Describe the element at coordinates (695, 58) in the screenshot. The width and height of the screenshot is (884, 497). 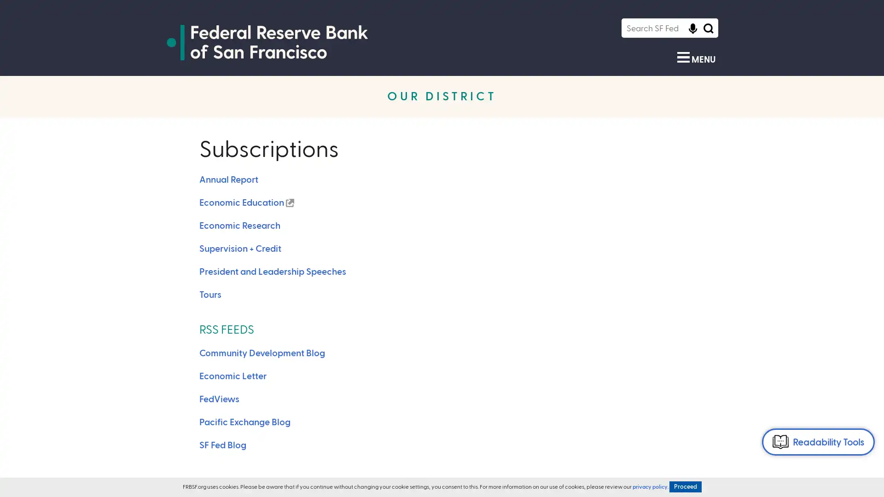
I see `Show Menu MENU` at that location.